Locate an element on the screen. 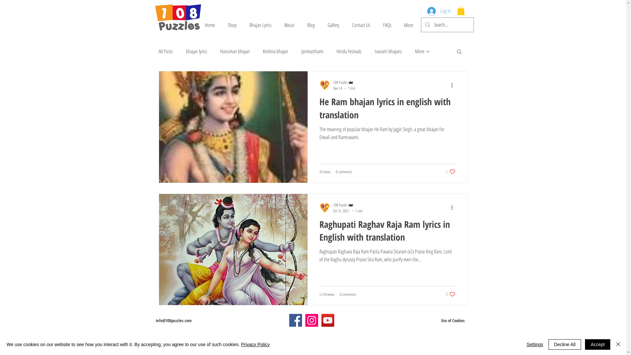 Image resolution: width=631 pixels, height=355 pixels. 'Hindu festivals' is located at coordinates (348, 51).